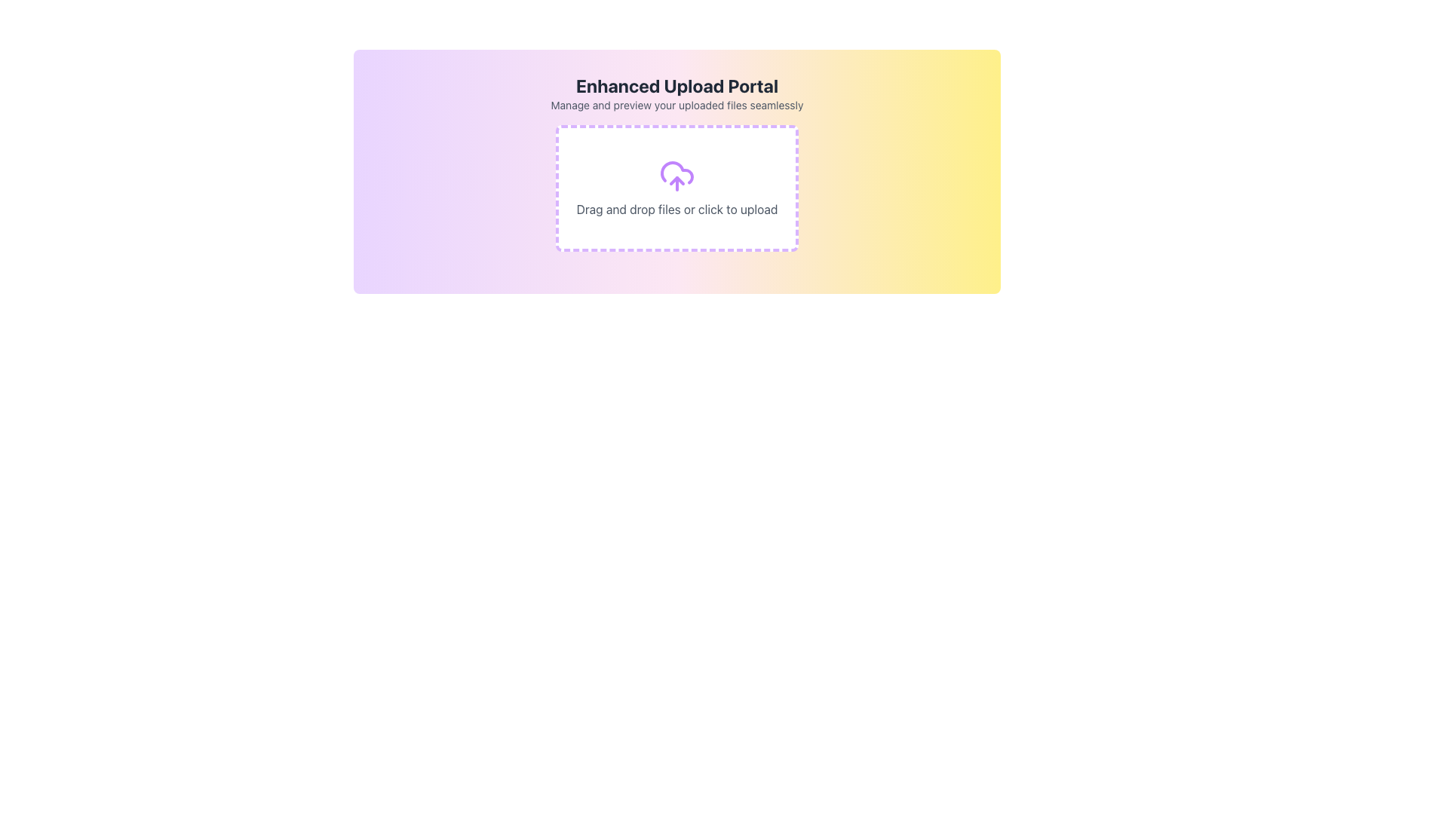 The image size is (1448, 814). What do you see at coordinates (676, 176) in the screenshot?
I see `the upload icon located at the center of the bordered box with a dashed purple border, which indicates drag-and-drop or click-to-upload functionality` at bounding box center [676, 176].